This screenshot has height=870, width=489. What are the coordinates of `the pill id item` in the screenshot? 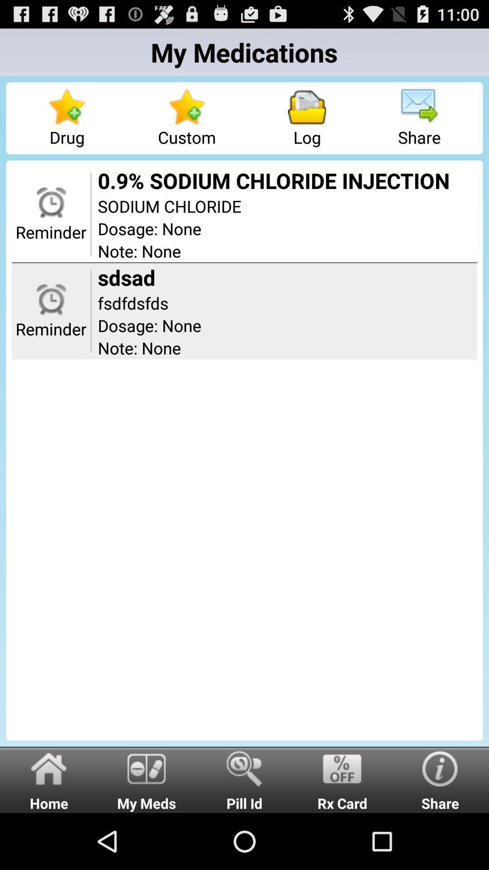 It's located at (244, 779).